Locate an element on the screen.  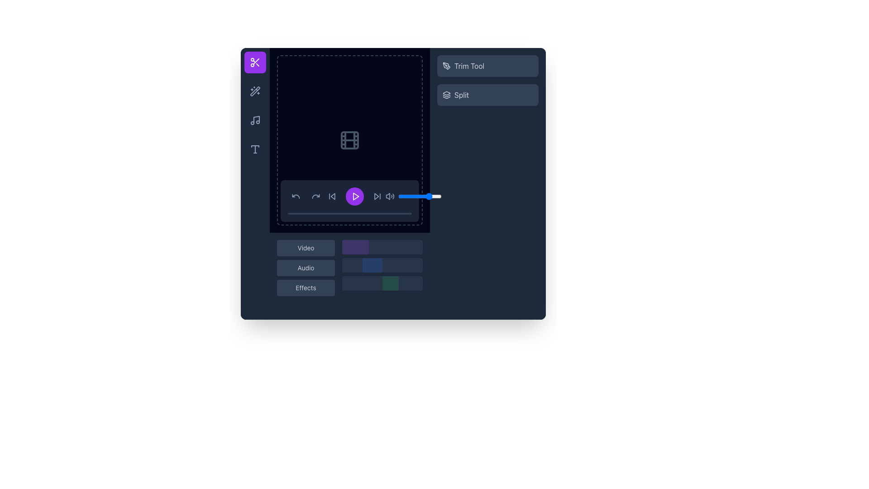
the play button located at the bottom center of the interface is located at coordinates (355, 196).